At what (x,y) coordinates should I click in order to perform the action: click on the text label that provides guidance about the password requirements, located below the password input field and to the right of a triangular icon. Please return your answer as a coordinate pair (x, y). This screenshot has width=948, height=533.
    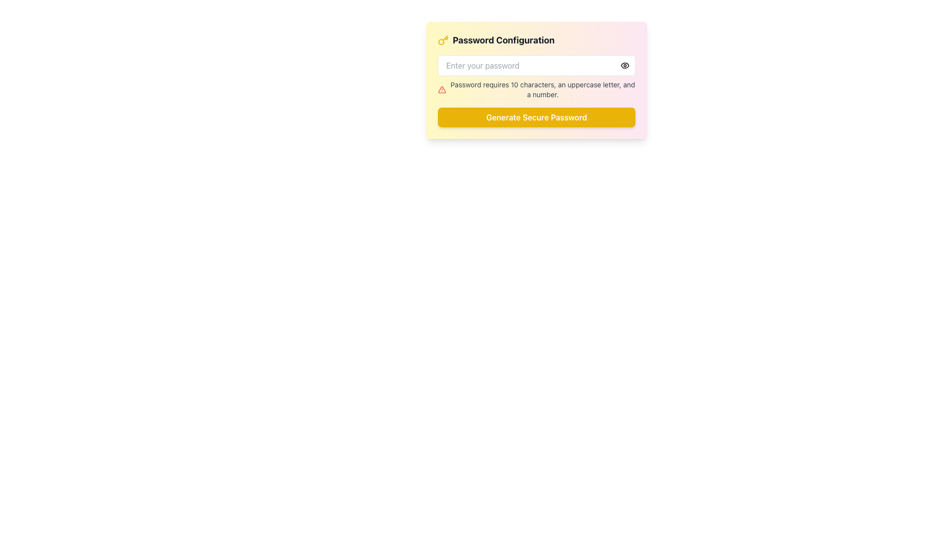
    Looking at the image, I should click on (542, 89).